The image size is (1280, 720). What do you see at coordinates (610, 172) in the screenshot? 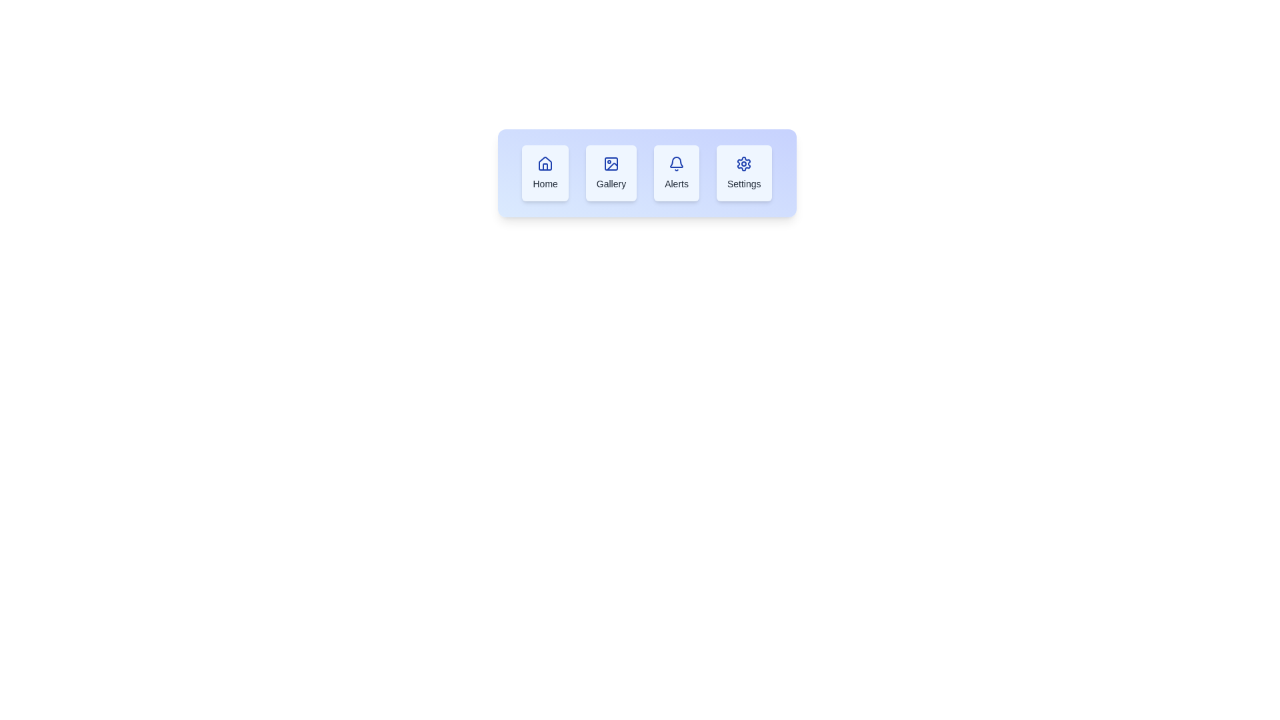
I see `the second button in the horizontal row of buttons` at bounding box center [610, 172].